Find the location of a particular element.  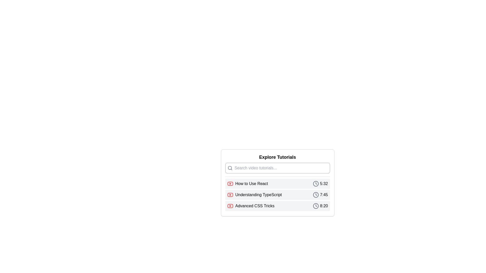

the time duration icon located to the left of the '5:32' text in the first row of the video tutorial list is located at coordinates (316, 184).